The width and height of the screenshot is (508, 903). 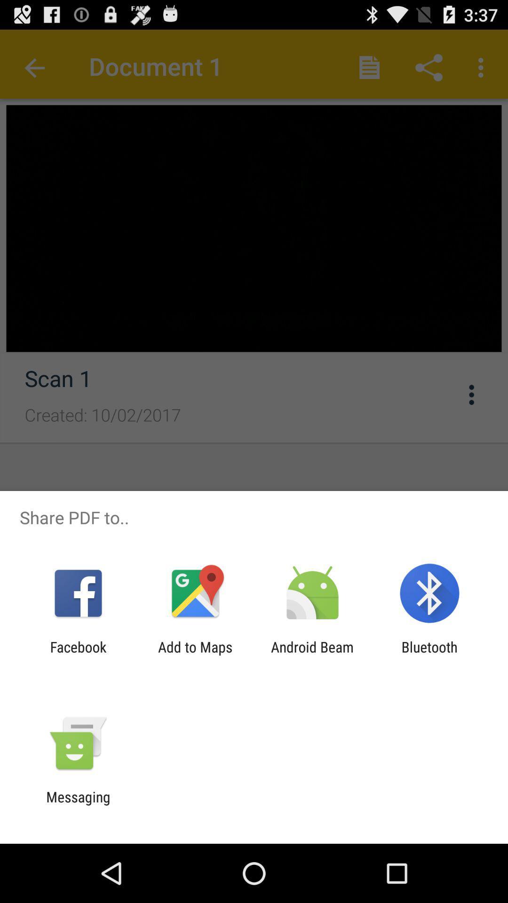 I want to click on the item next to android beam, so click(x=195, y=655).